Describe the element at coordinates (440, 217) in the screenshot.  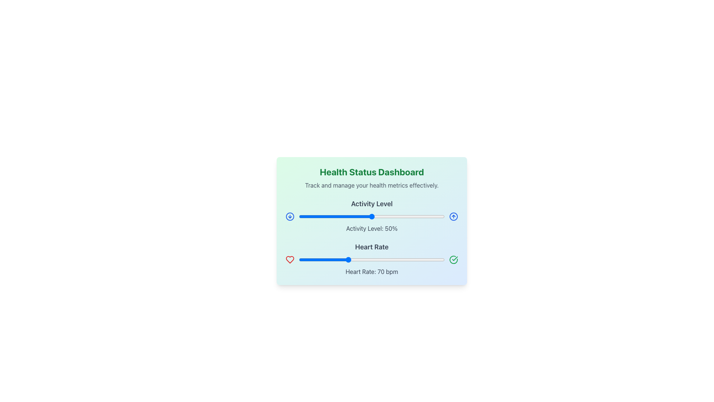
I see `the activity level` at that location.